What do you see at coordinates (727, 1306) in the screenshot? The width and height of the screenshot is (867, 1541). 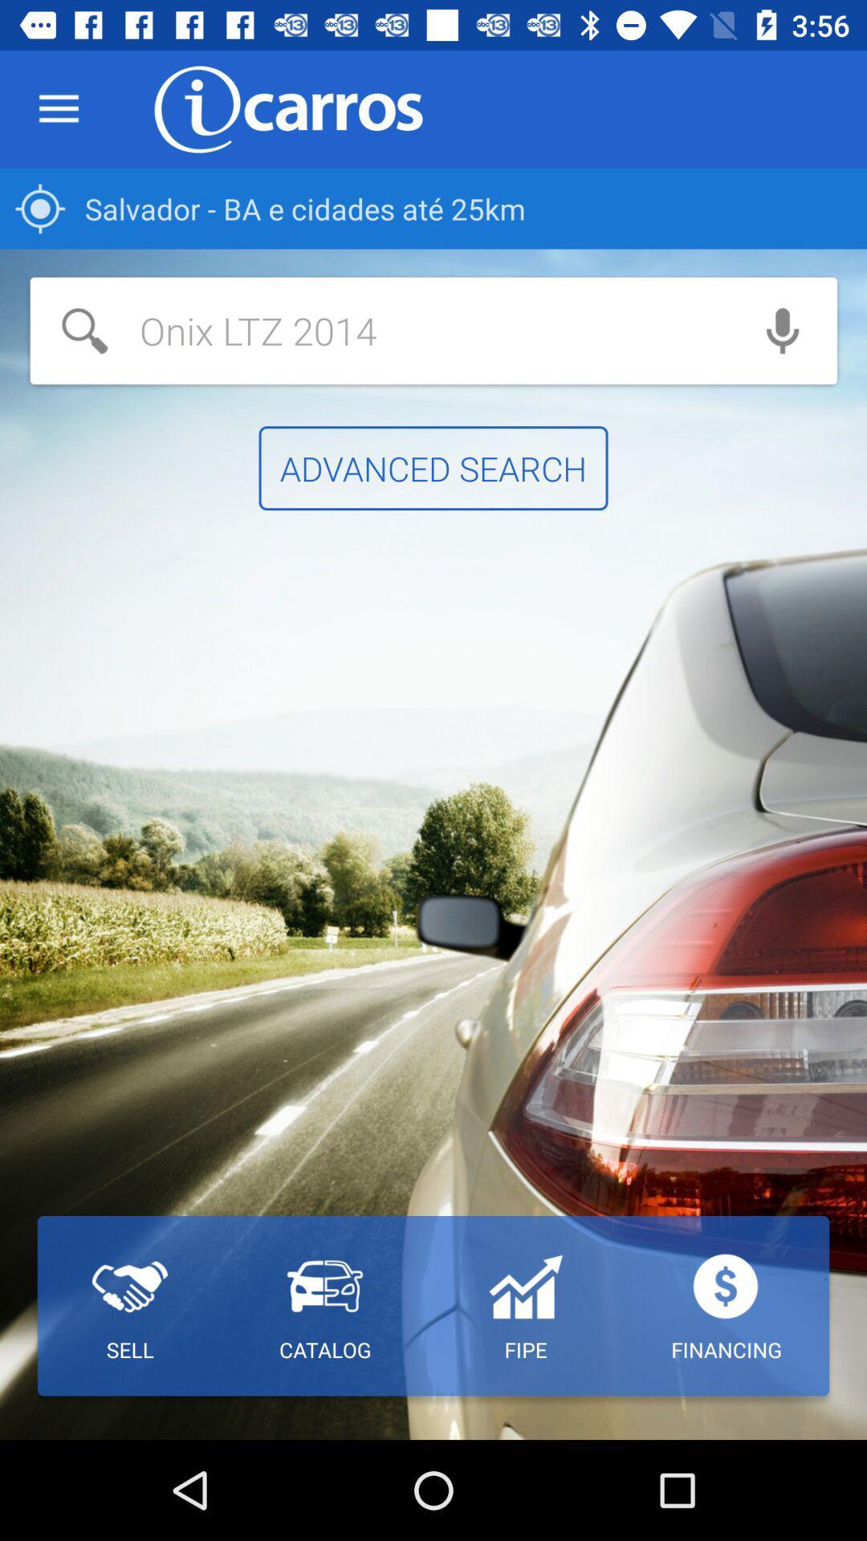 I see `the item to the right of fipe item` at bounding box center [727, 1306].